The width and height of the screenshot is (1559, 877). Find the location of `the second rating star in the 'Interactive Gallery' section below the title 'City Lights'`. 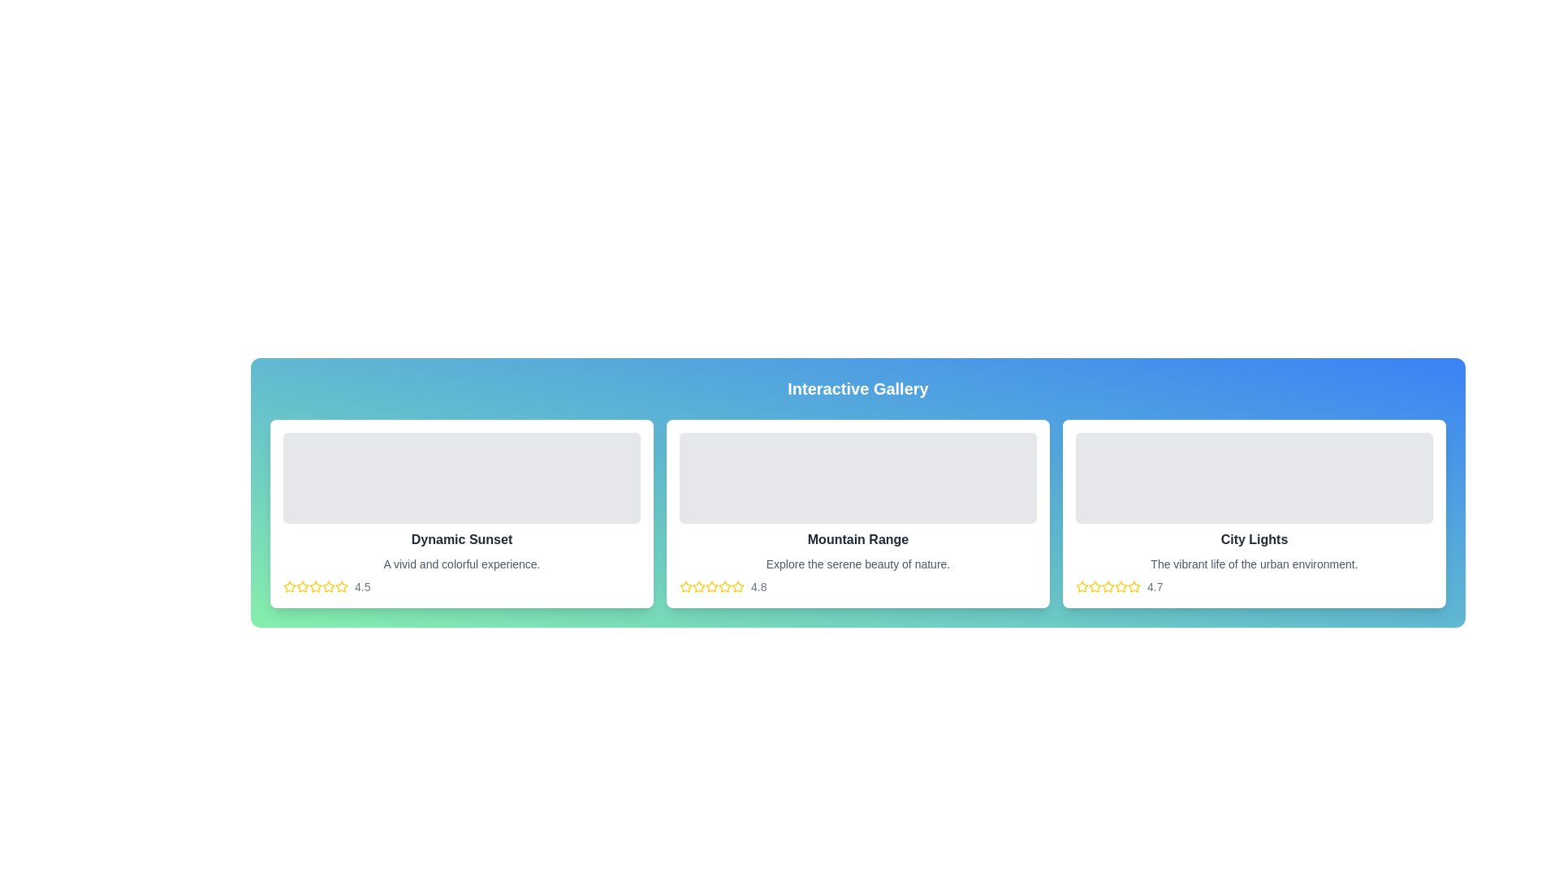

the second rating star in the 'Interactive Gallery' section below the title 'City Lights' is located at coordinates (1107, 586).